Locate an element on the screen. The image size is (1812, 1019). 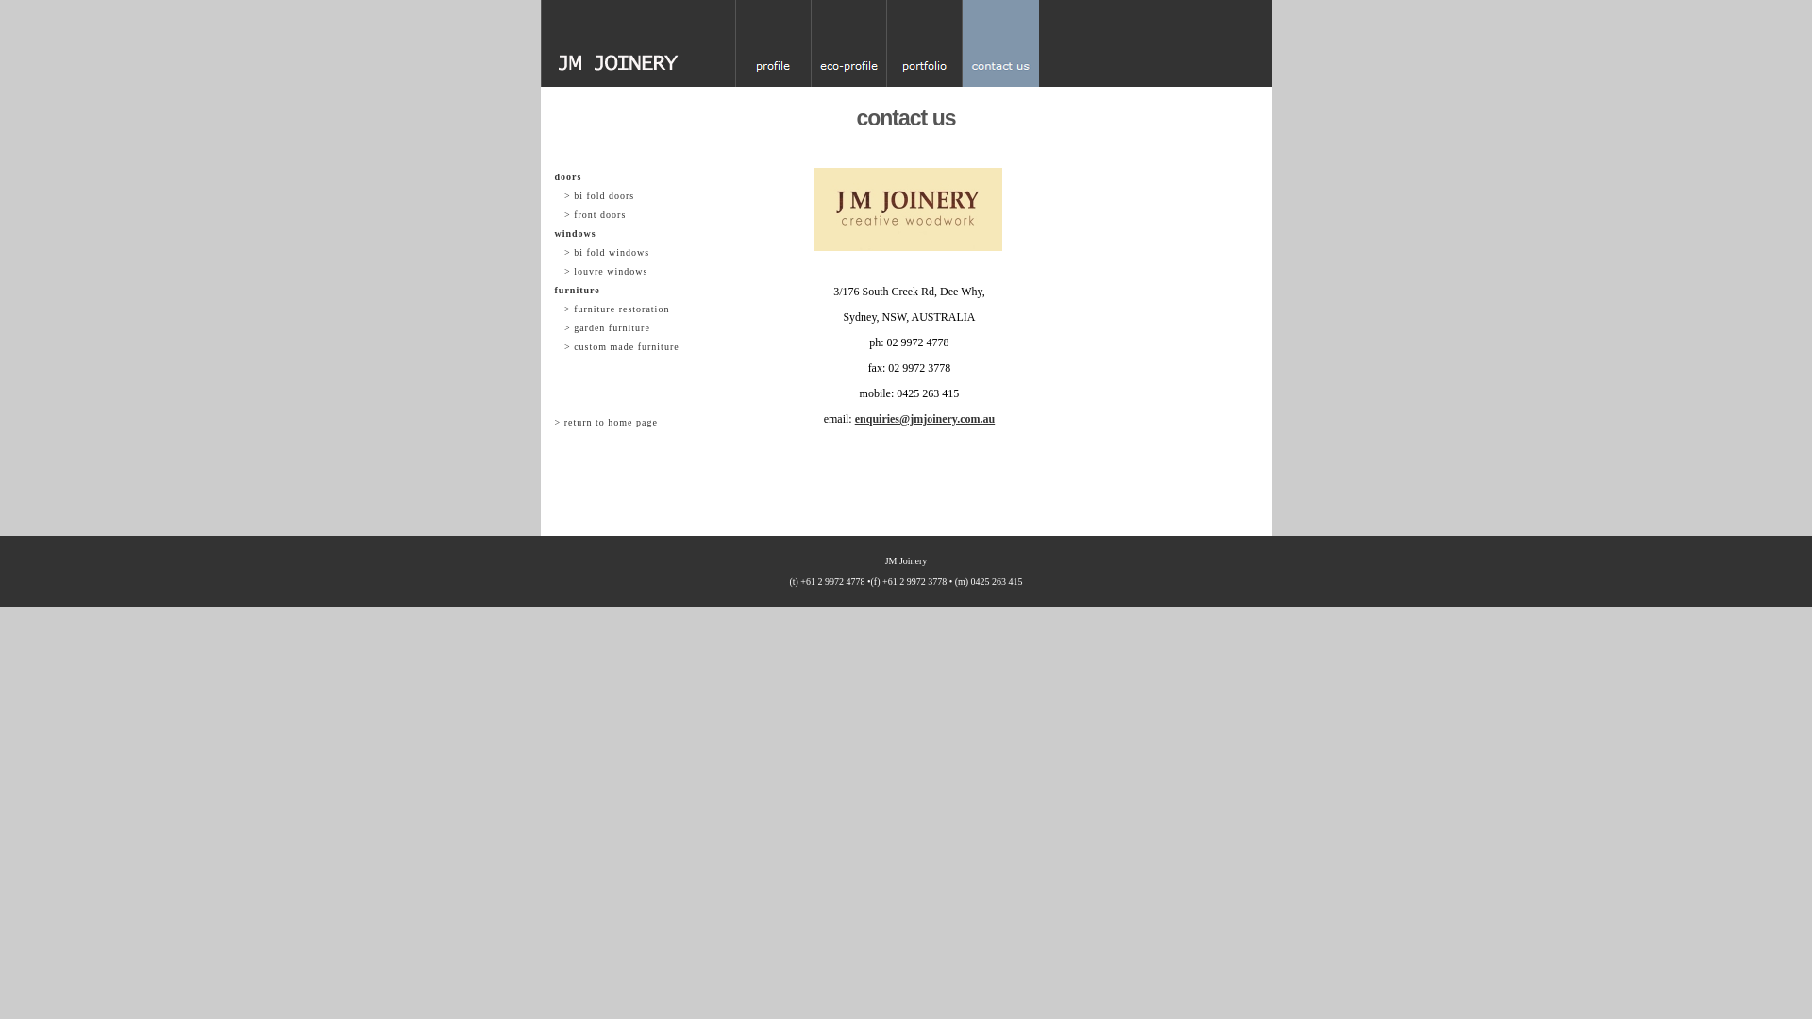
'doors' is located at coordinates (538, 177).